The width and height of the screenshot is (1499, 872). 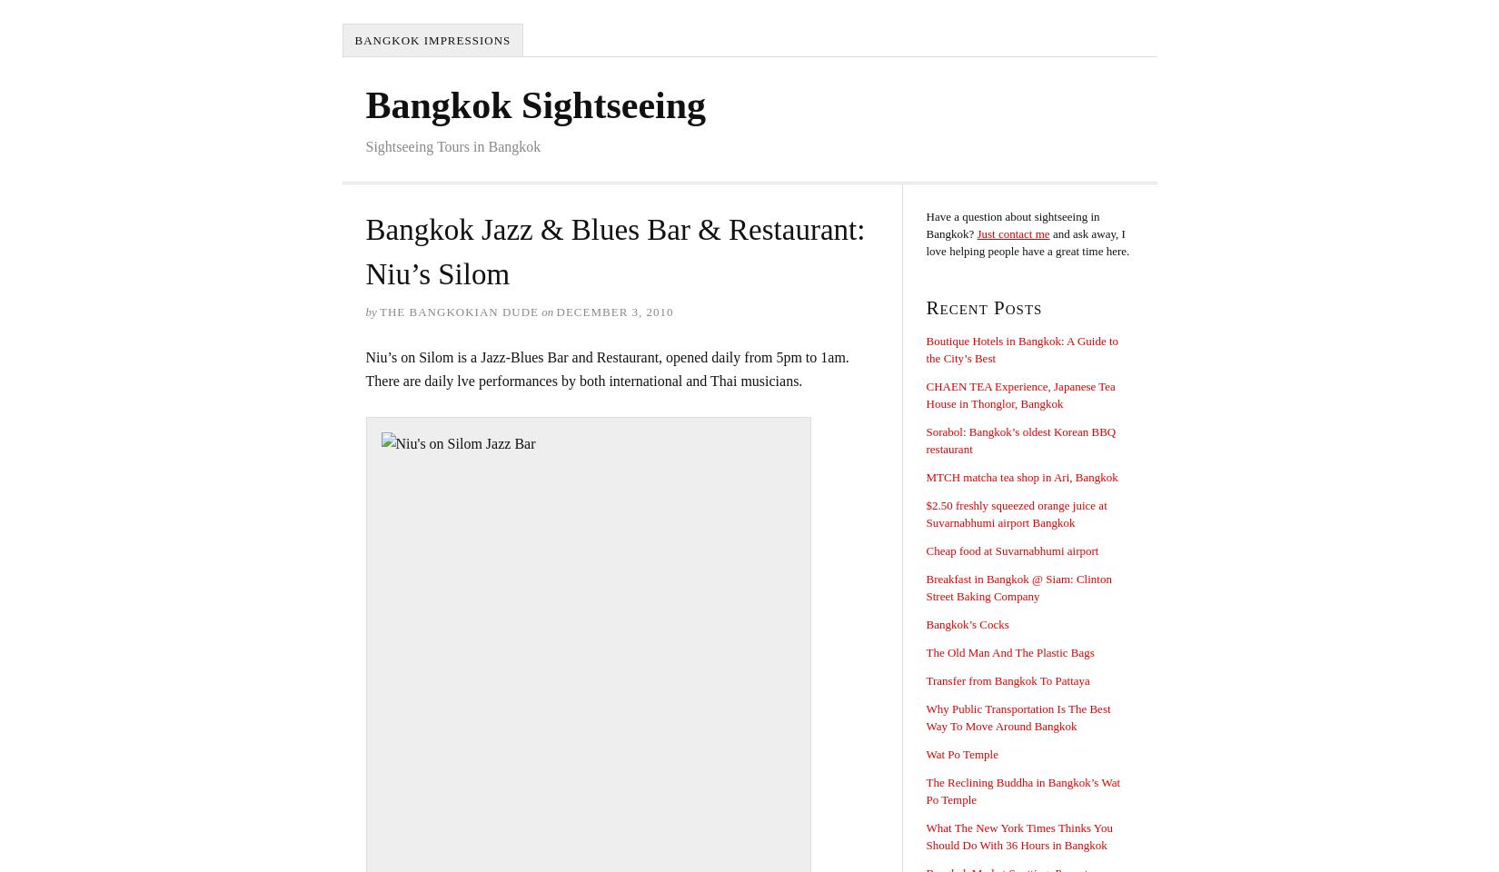 I want to click on 'Bangkok Impressions', so click(x=354, y=39).